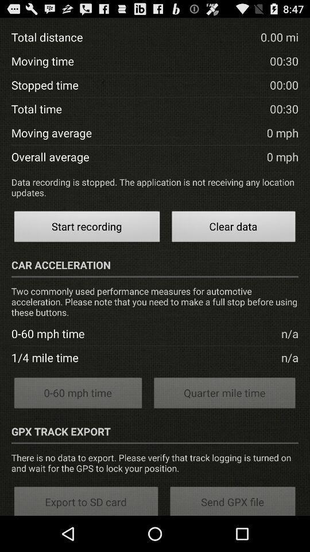 The image size is (310, 552). What do you see at coordinates (232, 500) in the screenshot?
I see `the icon below the there is no` at bounding box center [232, 500].